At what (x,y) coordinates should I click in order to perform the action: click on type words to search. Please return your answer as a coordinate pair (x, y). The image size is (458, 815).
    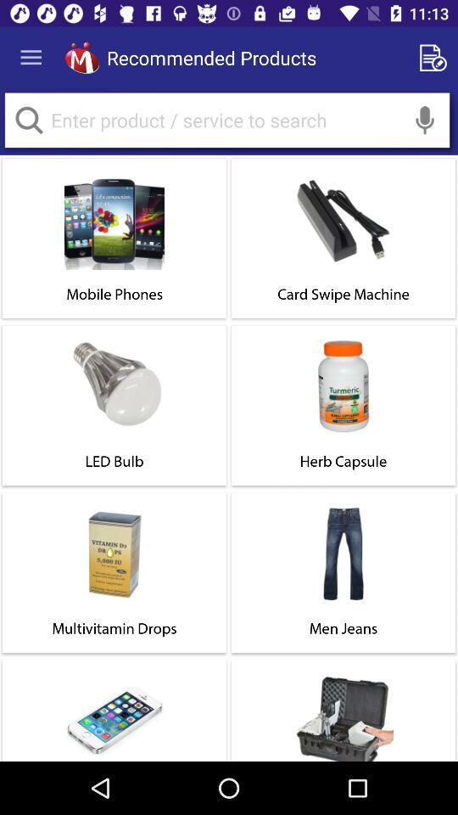
    Looking at the image, I should click on (226, 119).